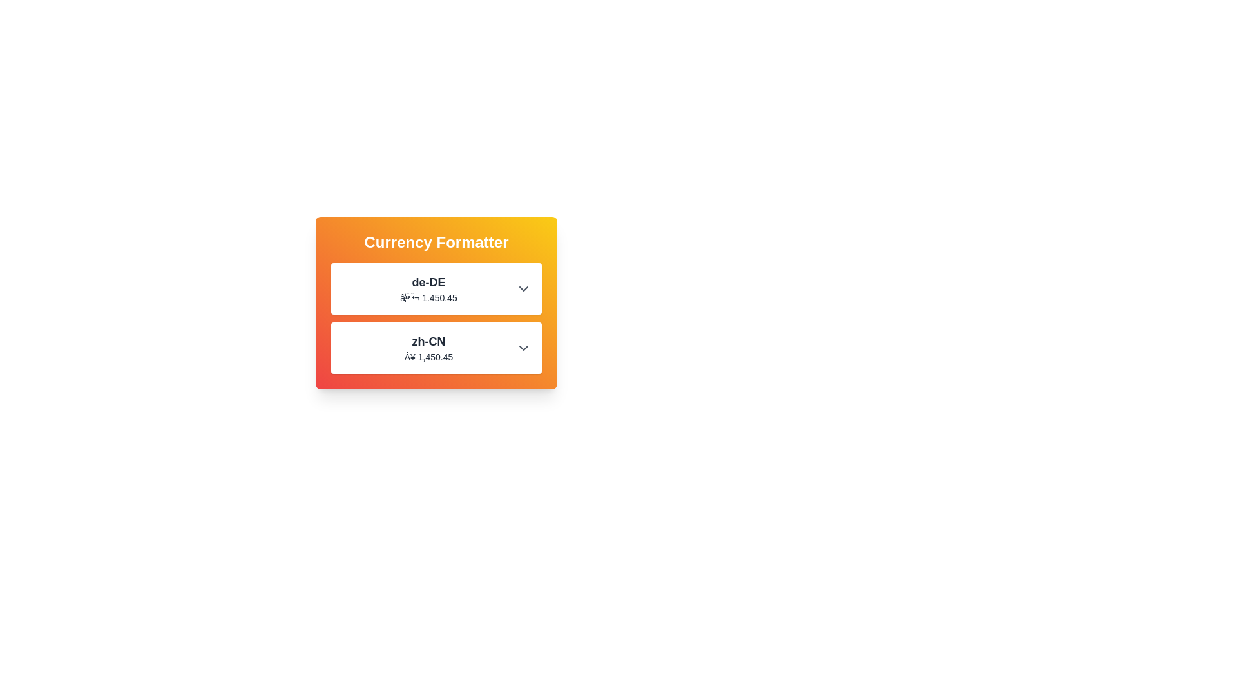 The width and height of the screenshot is (1237, 695). I want to click on the currency display option for Chinese Yuan, which is the second entry in the dropdown list beneath the 'de-DE' option, so click(436, 347).